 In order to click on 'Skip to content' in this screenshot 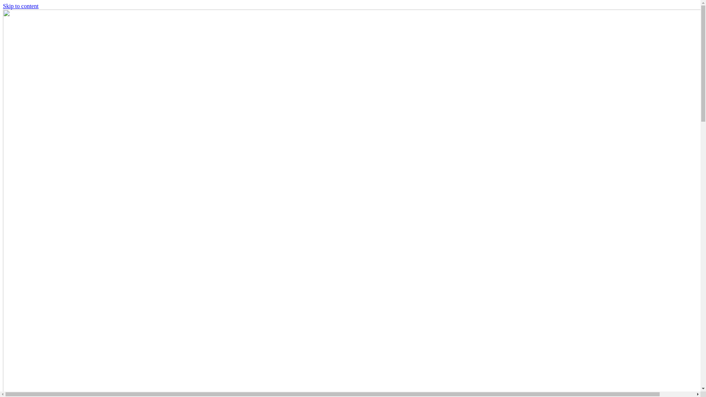, I will do `click(21, 6)`.